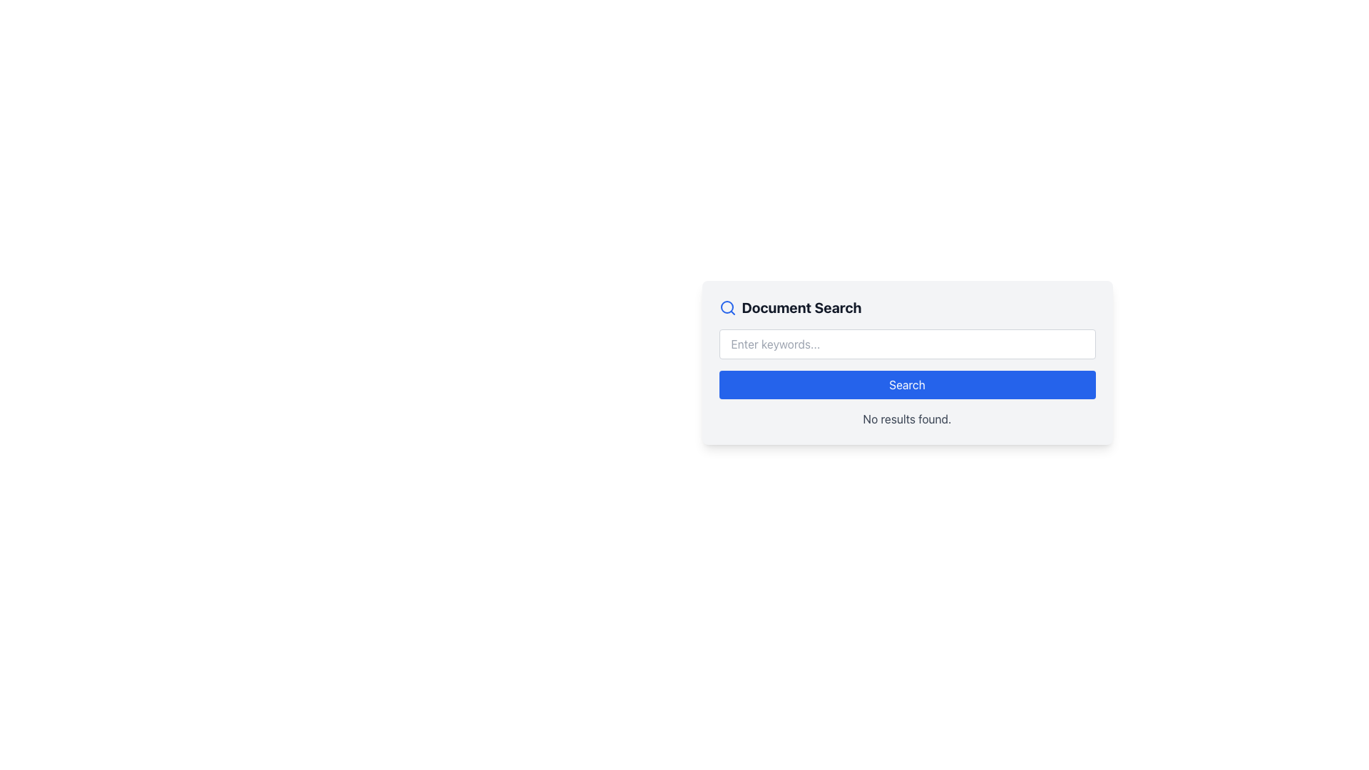 The width and height of the screenshot is (1369, 770). I want to click on the circular graphical element that resembles a magnifying glass, located to the left of the 'Document Search' title, so click(727, 307).